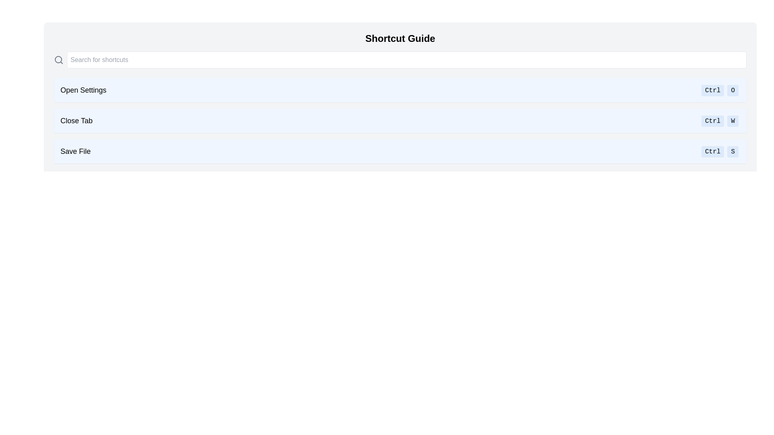 This screenshot has width=774, height=435. I want to click on the 'Ctrl' key button in the 'Shortcut Guide' interface, which is part of the shortcut for saving a file, so click(713, 151).